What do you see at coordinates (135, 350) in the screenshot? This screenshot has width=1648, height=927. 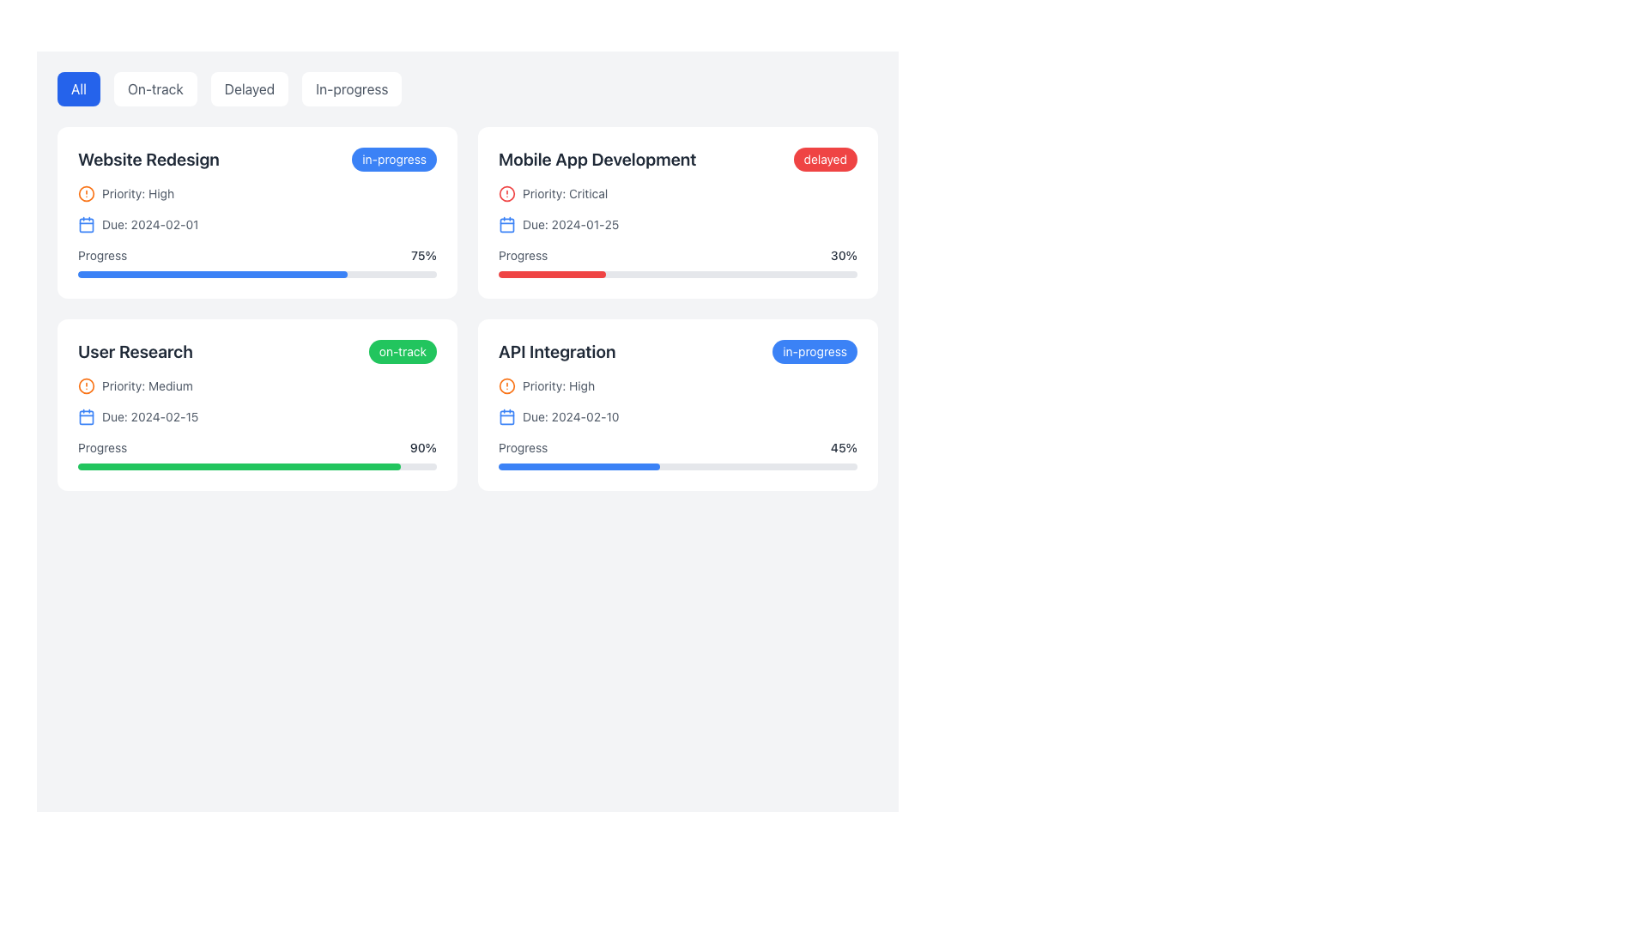 I see `the static text label displaying 'User Research', which is in bold font style and positioned at the top-left corner of a card layout` at bounding box center [135, 350].